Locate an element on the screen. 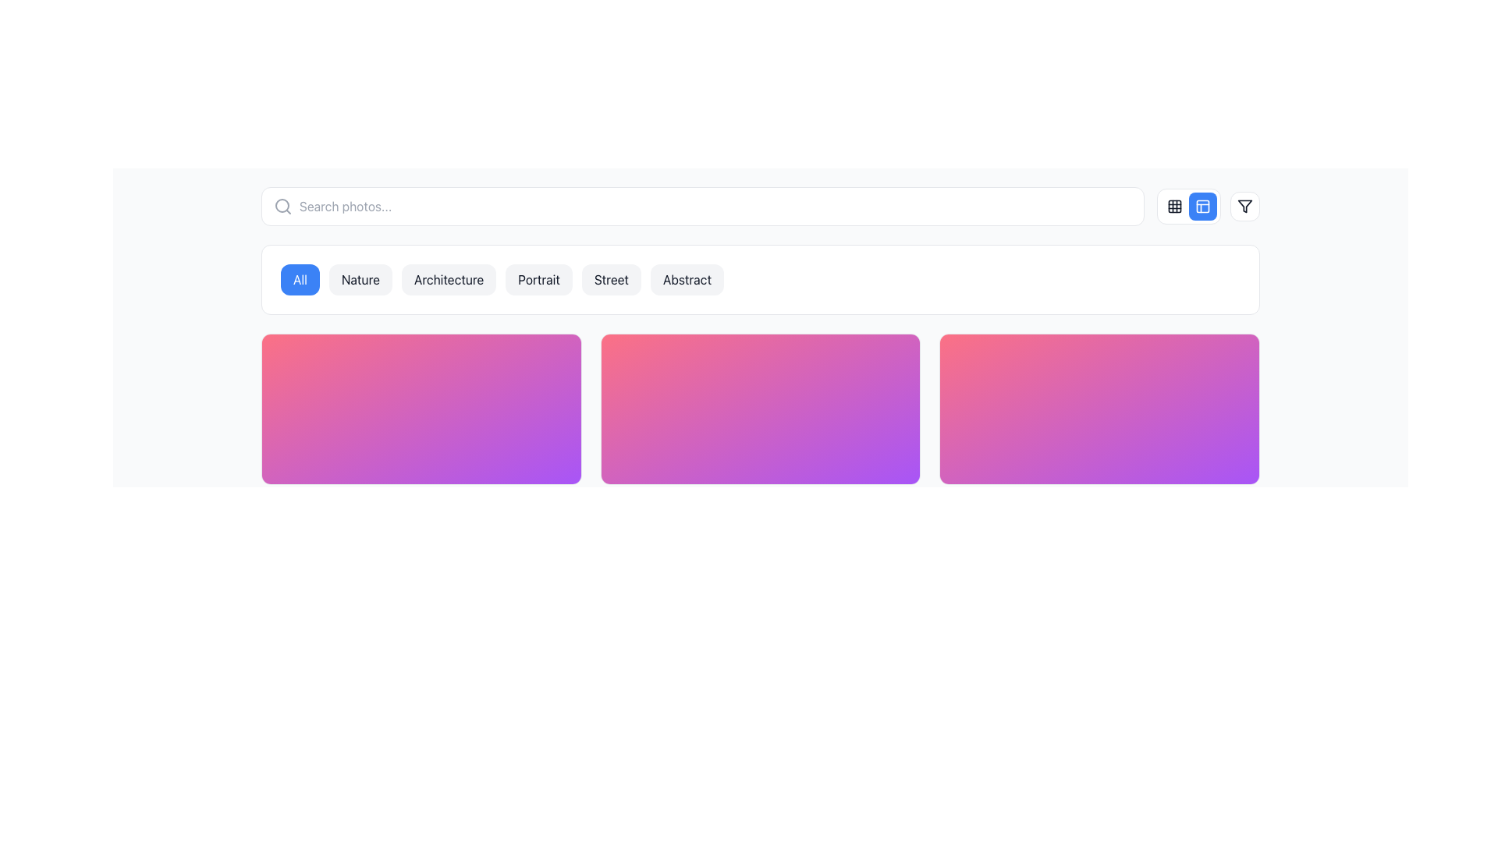 This screenshot has width=1498, height=842. the 'Filter' icon located in the top-right corner of the interface is located at coordinates (1244, 206).